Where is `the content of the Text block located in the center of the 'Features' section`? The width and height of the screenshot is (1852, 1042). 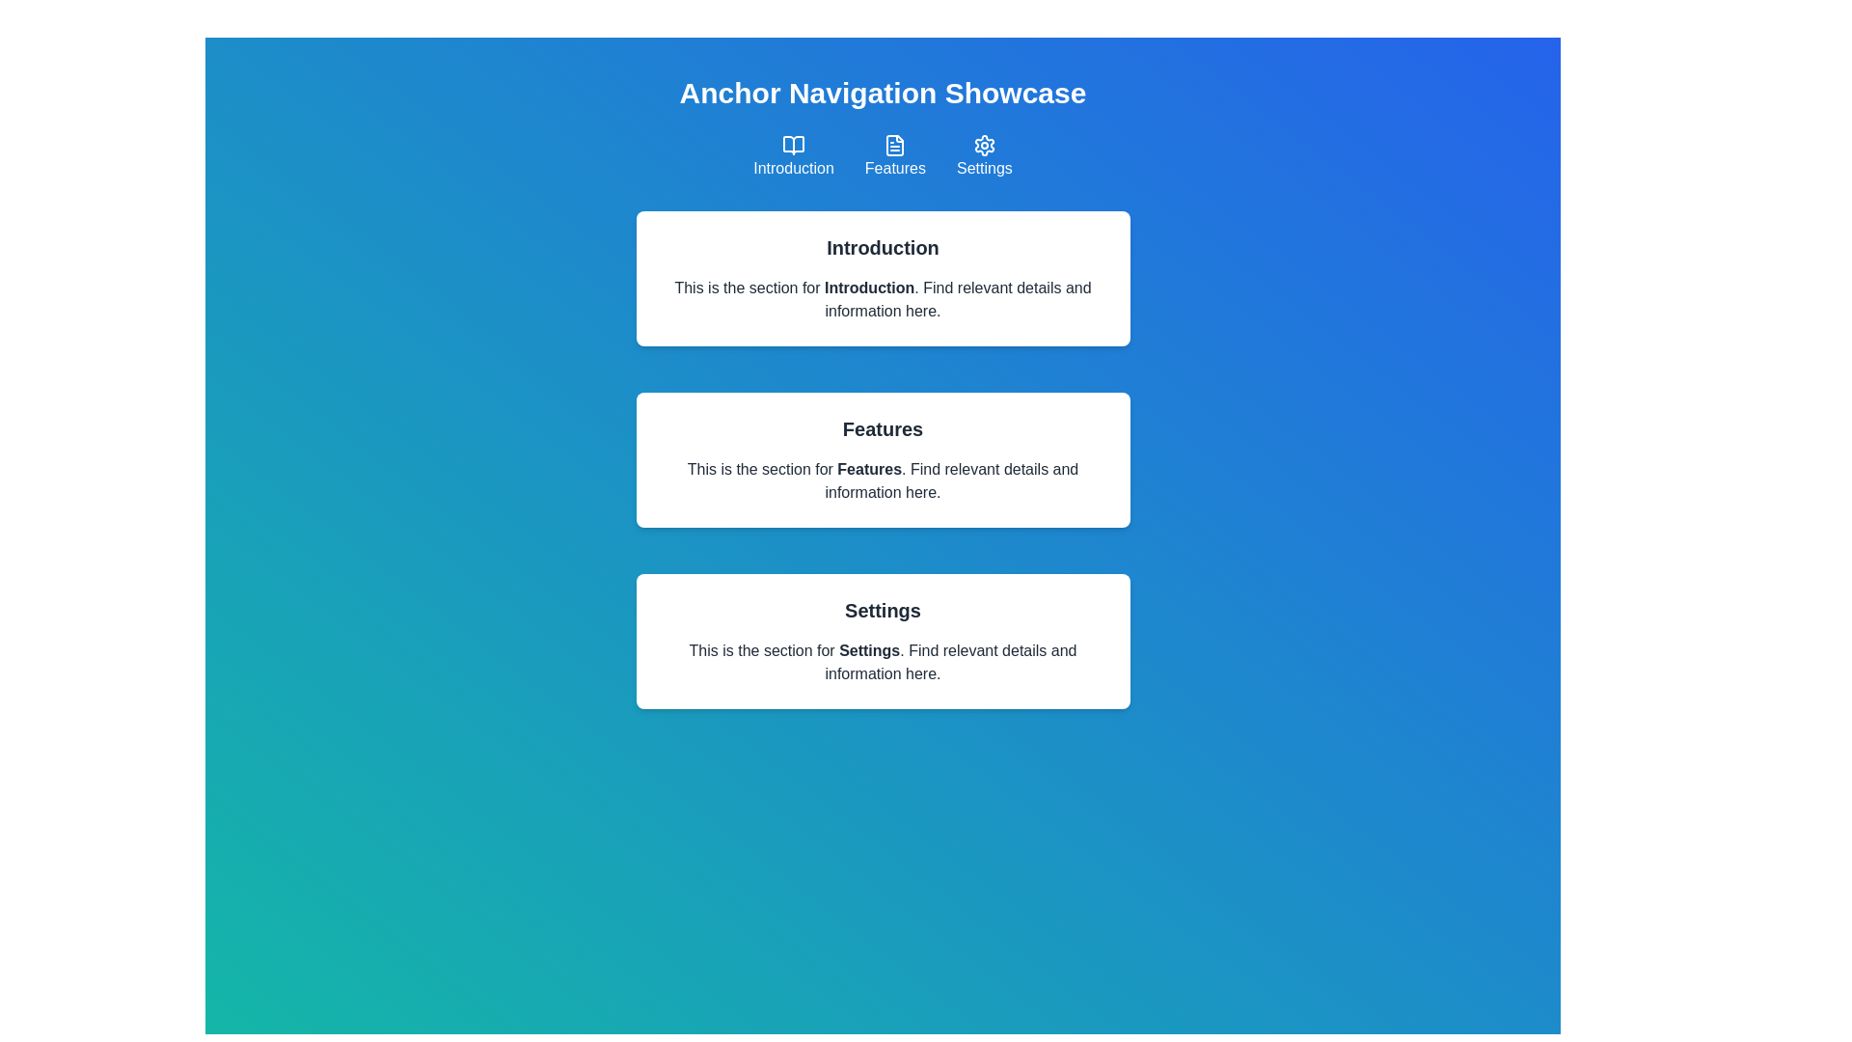
the content of the Text block located in the center of the 'Features' section is located at coordinates (882, 480).